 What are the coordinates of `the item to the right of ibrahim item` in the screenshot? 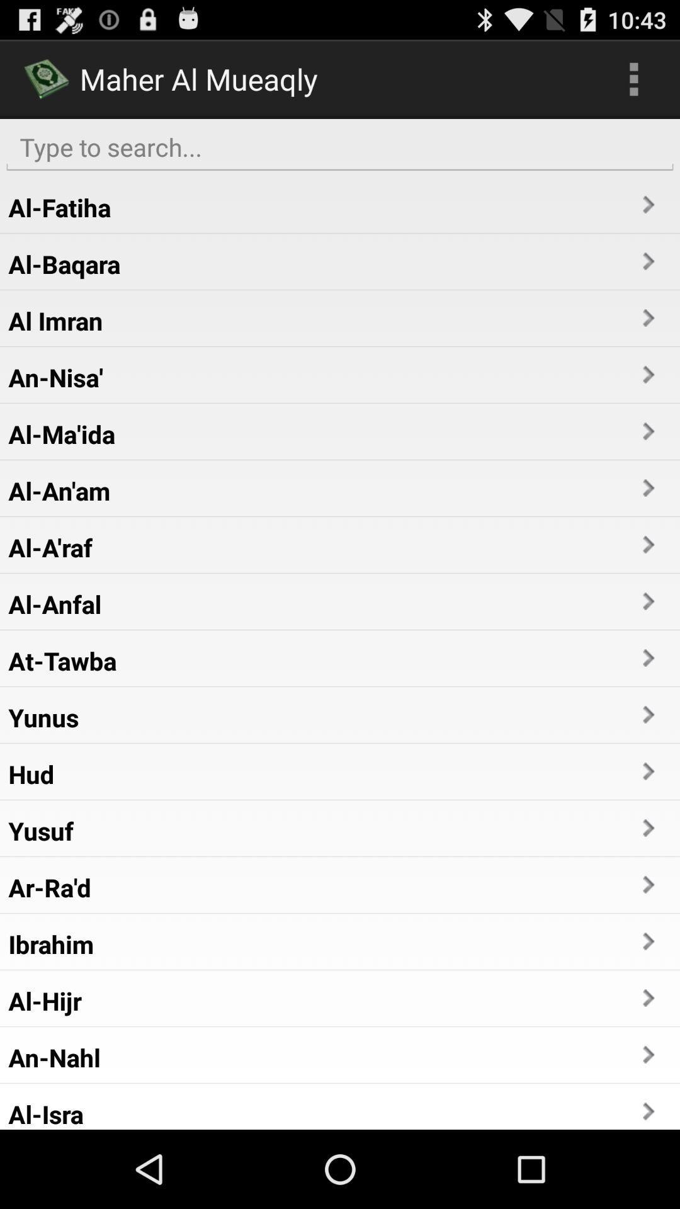 It's located at (647, 941).